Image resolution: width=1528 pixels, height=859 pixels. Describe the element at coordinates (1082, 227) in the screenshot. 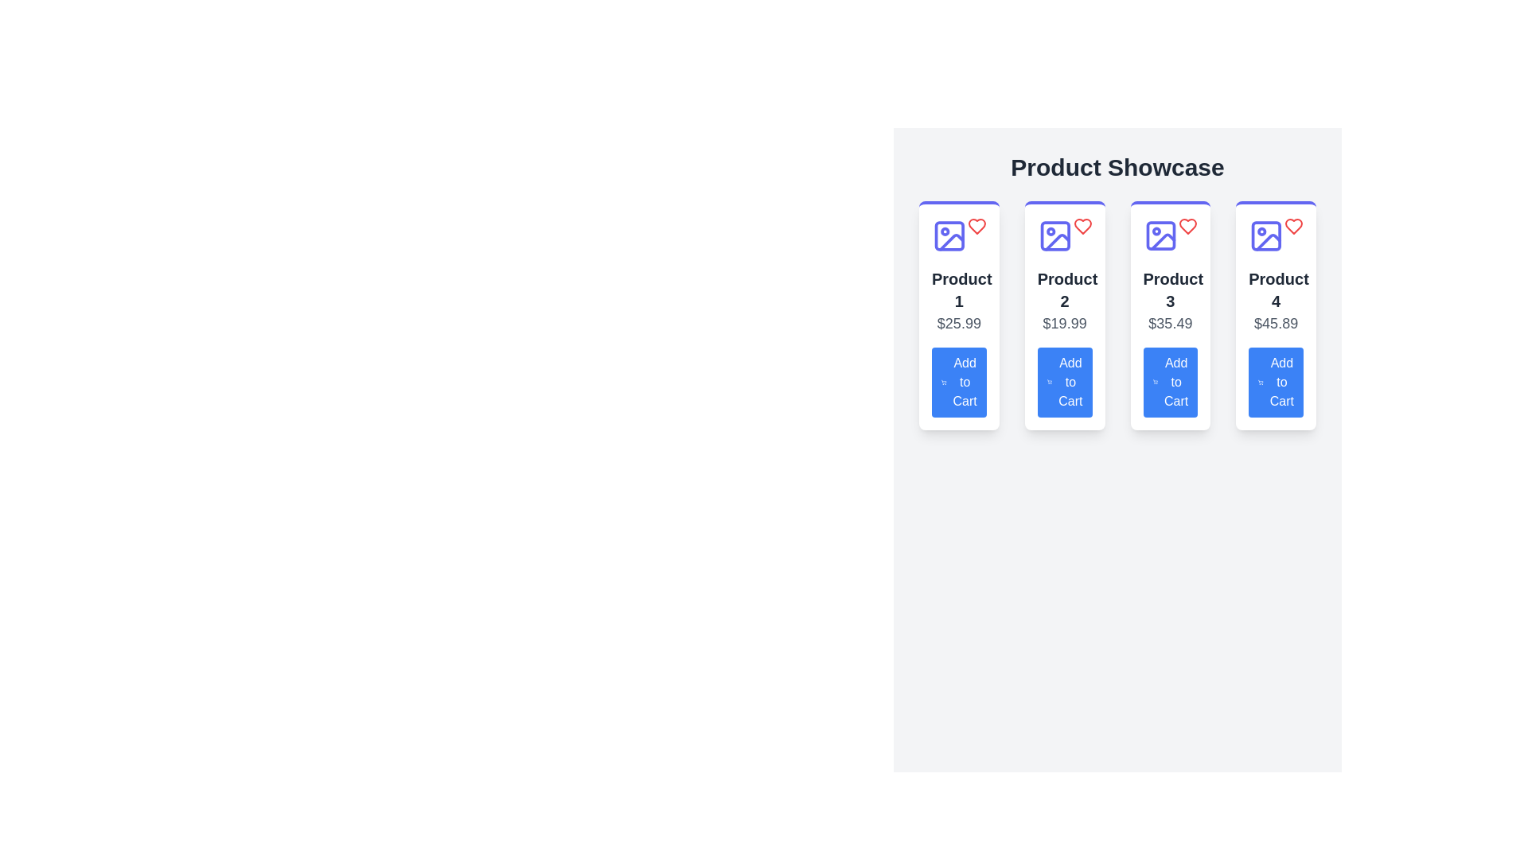

I see `the favorite icon button located at the top-right corner of the second product card to trigger a tooltip or visual effect` at that location.